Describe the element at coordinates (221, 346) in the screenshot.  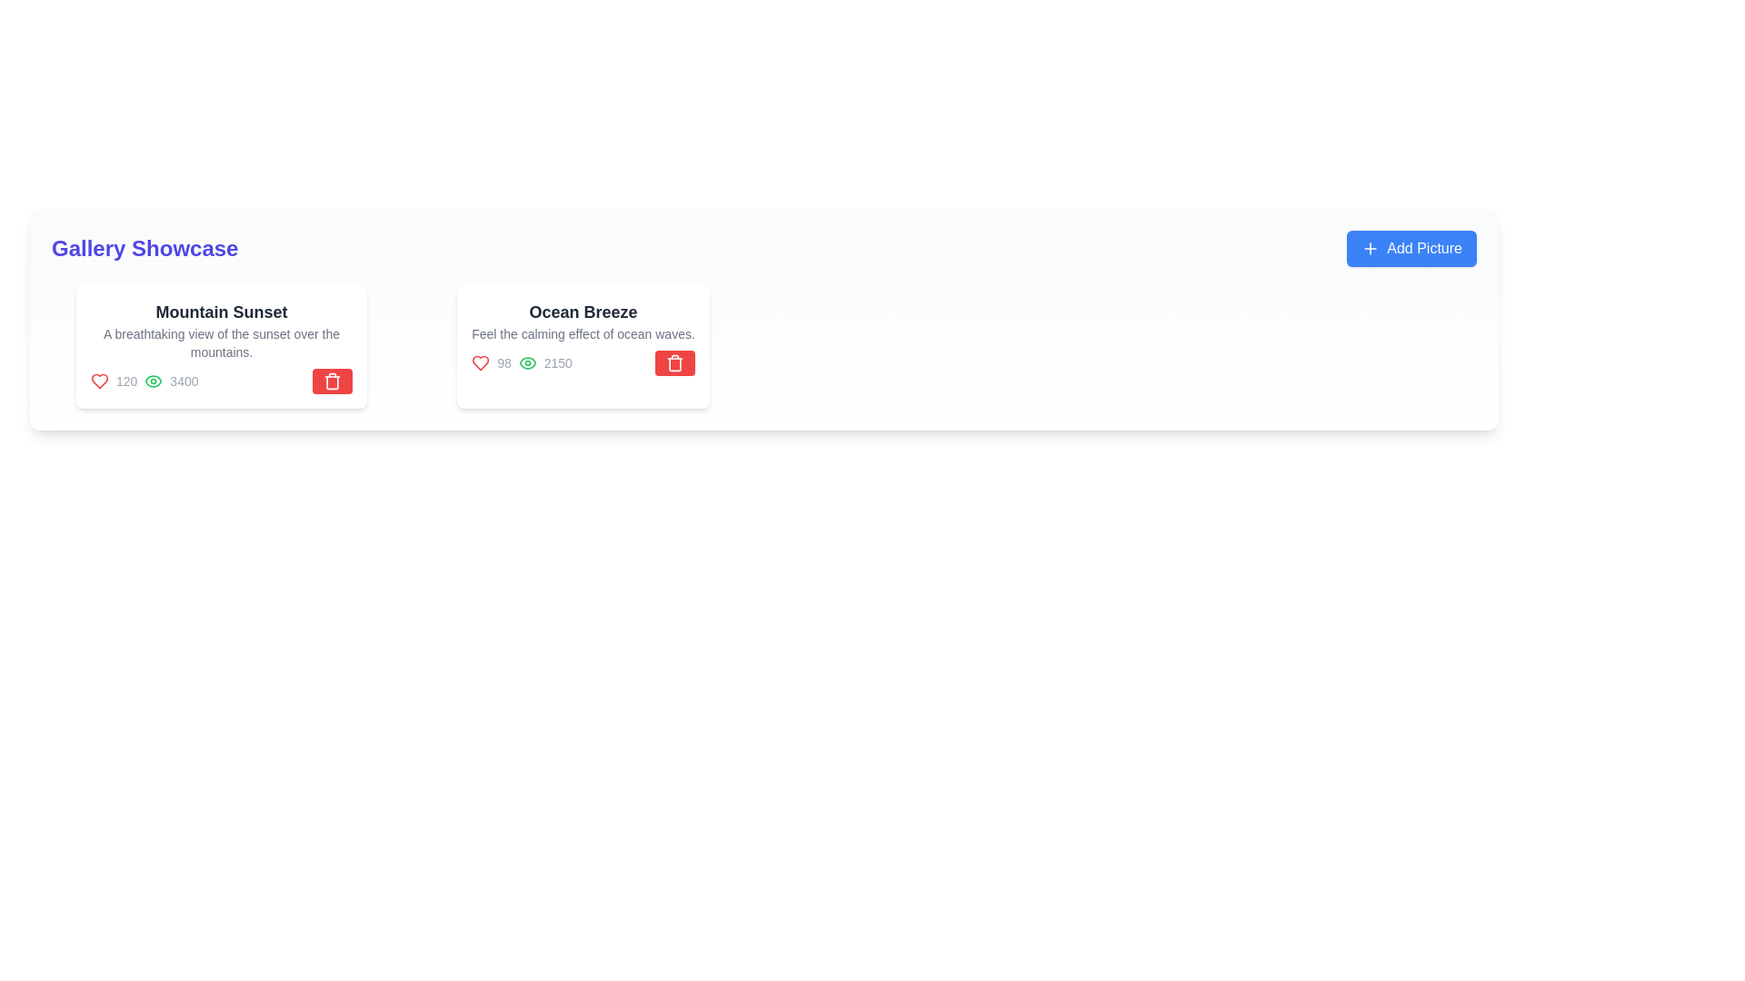
I see `the first card component in the grid layout that represents an item, providing details such as title and description` at that location.